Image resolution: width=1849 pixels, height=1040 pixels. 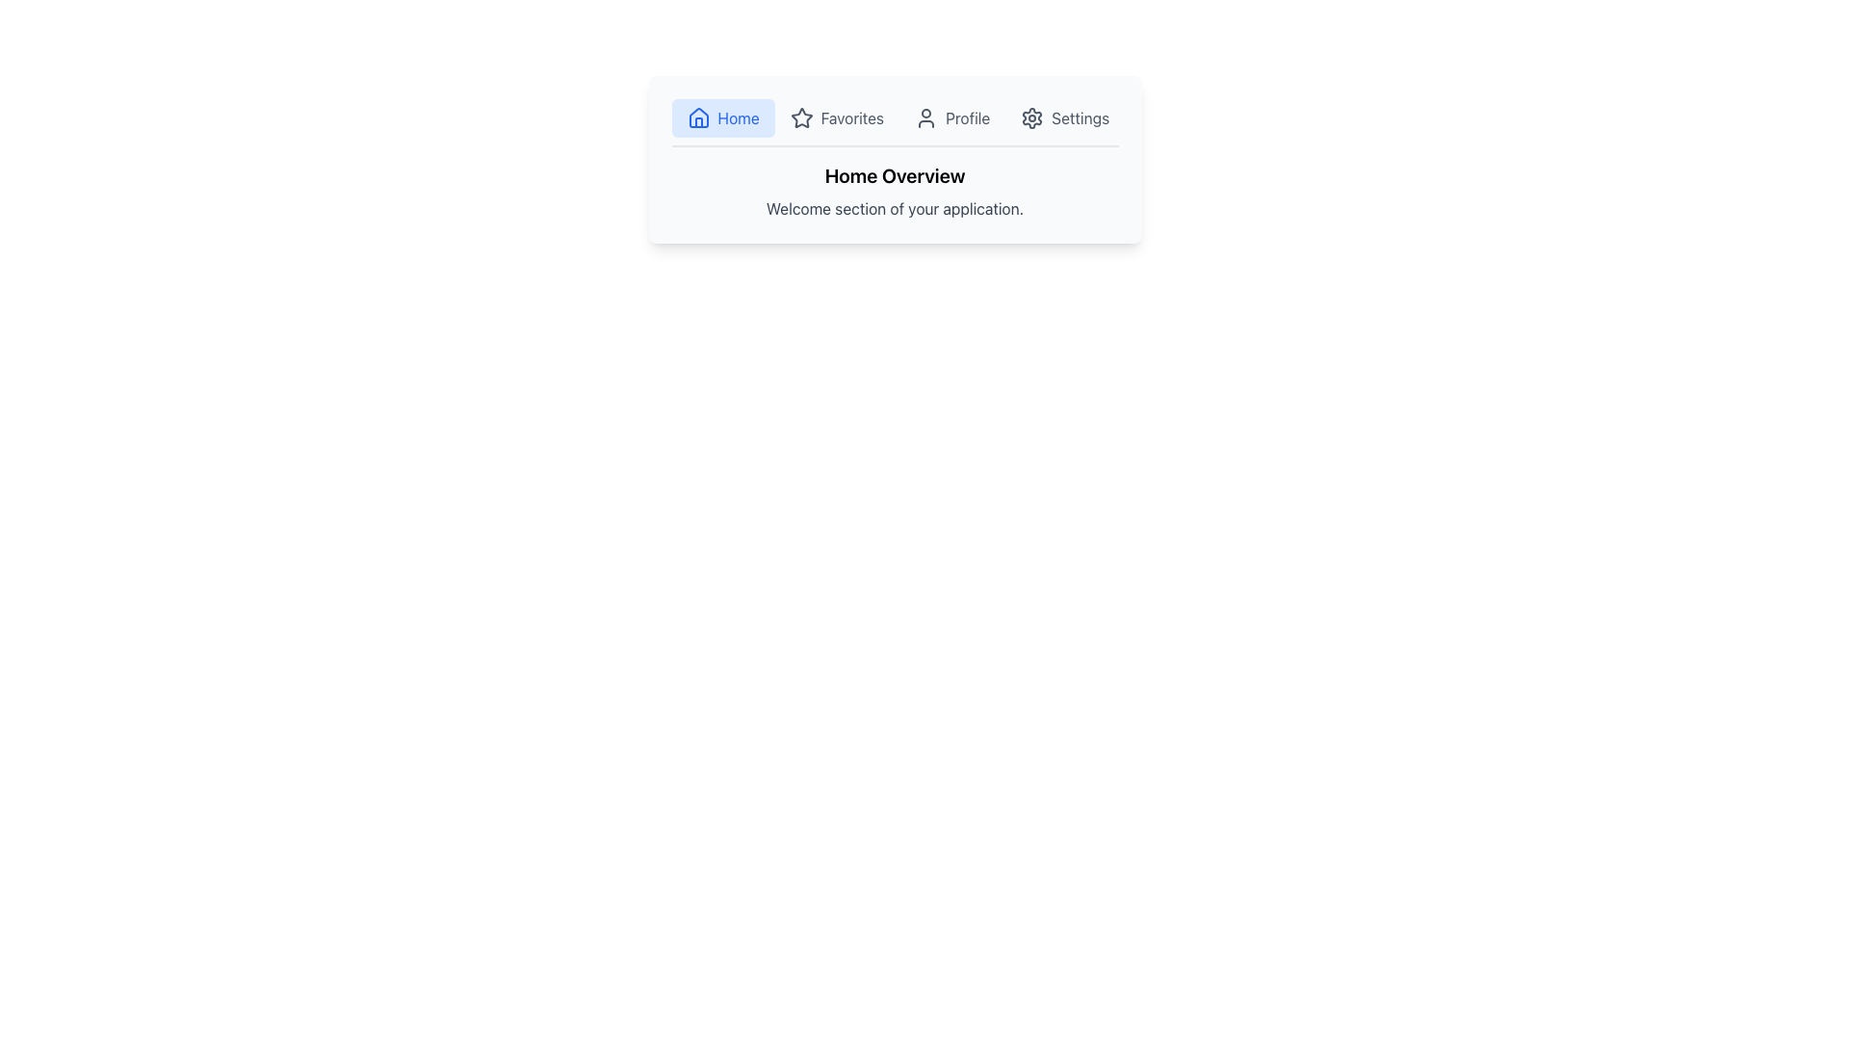 I want to click on the house-shaped icon located on the top-left of the navigation bar, labeled 'Home', which precedes the 'Favorites' button, so click(x=697, y=118).